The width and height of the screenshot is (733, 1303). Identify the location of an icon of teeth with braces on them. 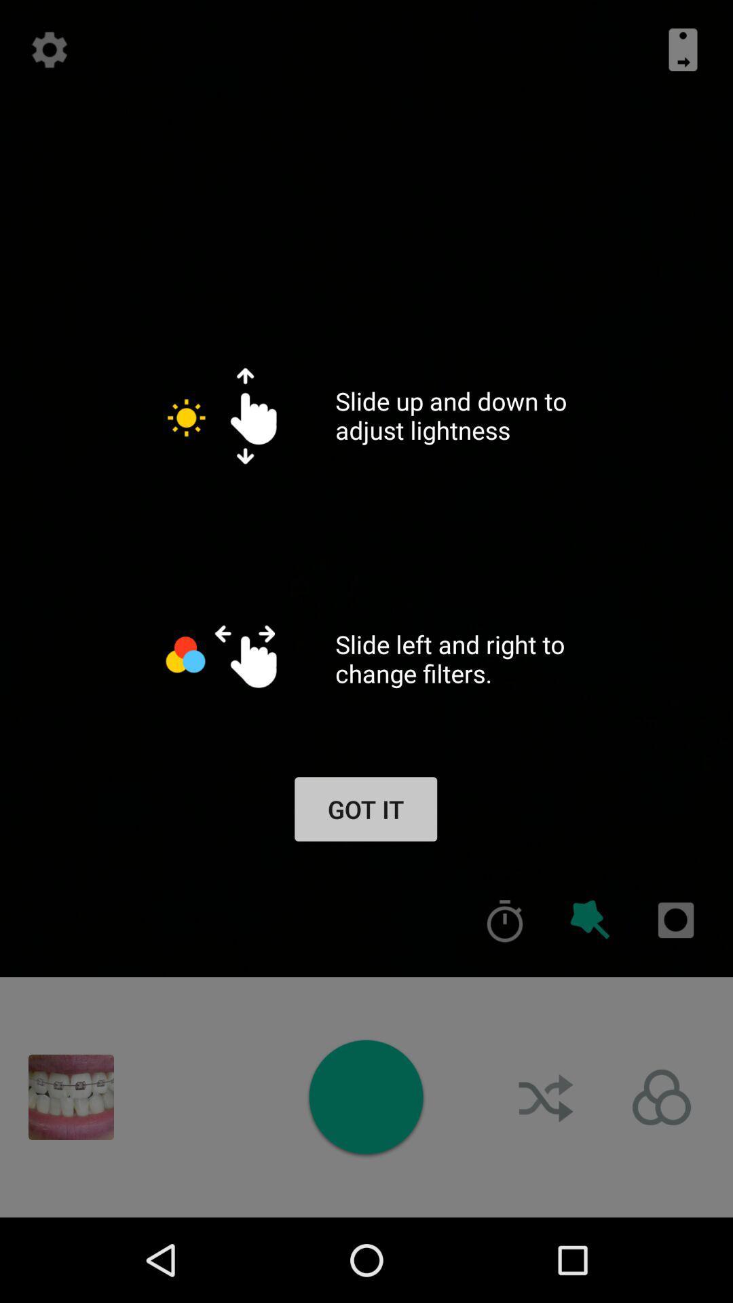
(71, 1097).